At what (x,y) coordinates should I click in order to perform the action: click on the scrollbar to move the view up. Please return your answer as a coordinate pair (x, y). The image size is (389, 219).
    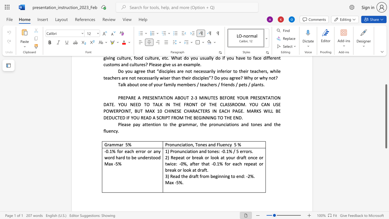
    Looking at the image, I should click on (386, 67).